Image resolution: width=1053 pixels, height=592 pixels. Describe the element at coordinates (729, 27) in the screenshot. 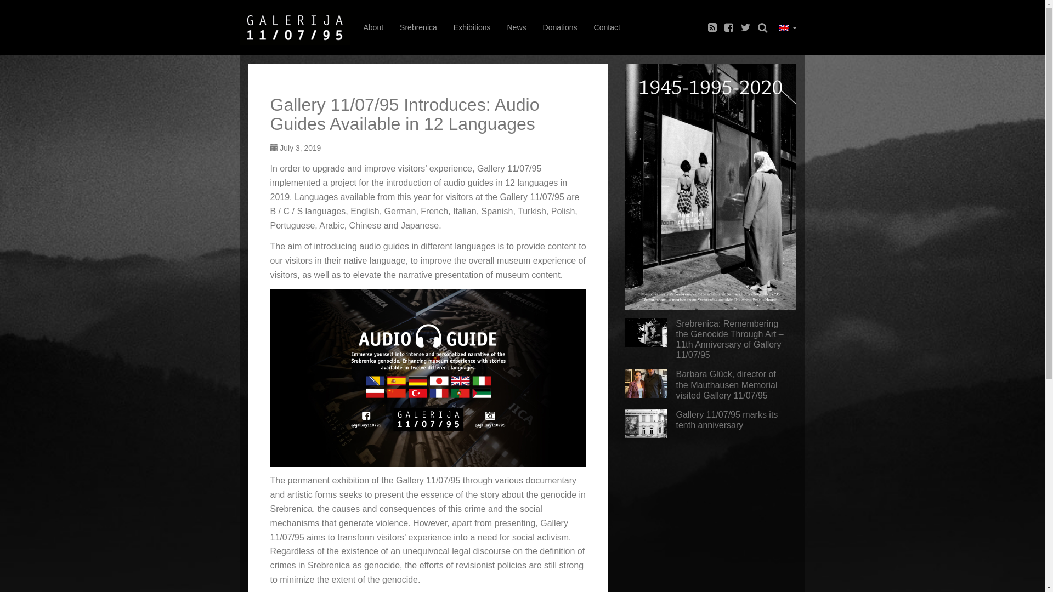

I see `'facebook'` at that location.